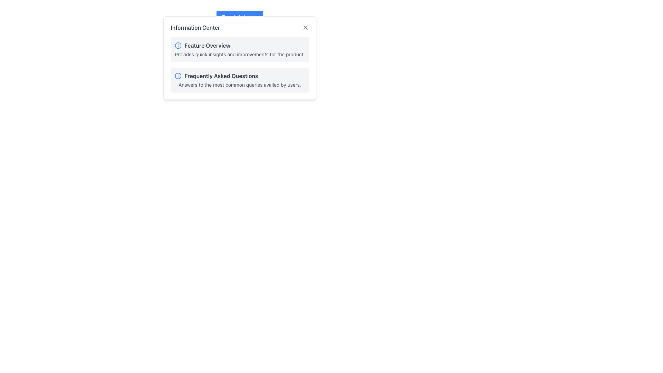  I want to click on the blue circular icon with an 'i' symbol, located to the left of the 'Feature Overview' text label in the 'Information Center' modal, so click(178, 45).